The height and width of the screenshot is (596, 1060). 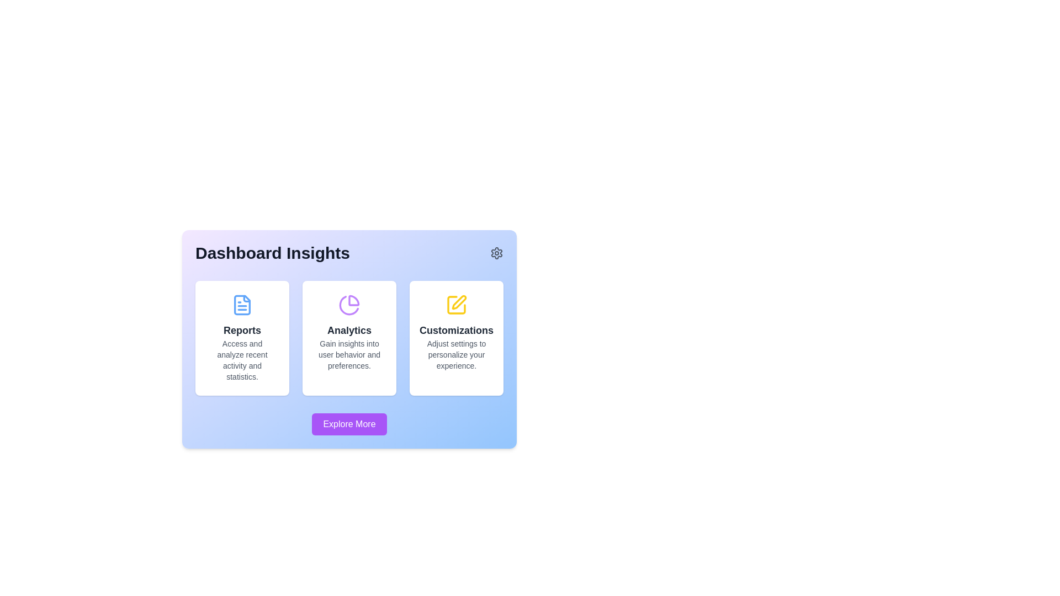 I want to click on the pie chart icon representing analytics within the 'Analytics' card under the heading 'Dashboard Insights', so click(x=354, y=300).